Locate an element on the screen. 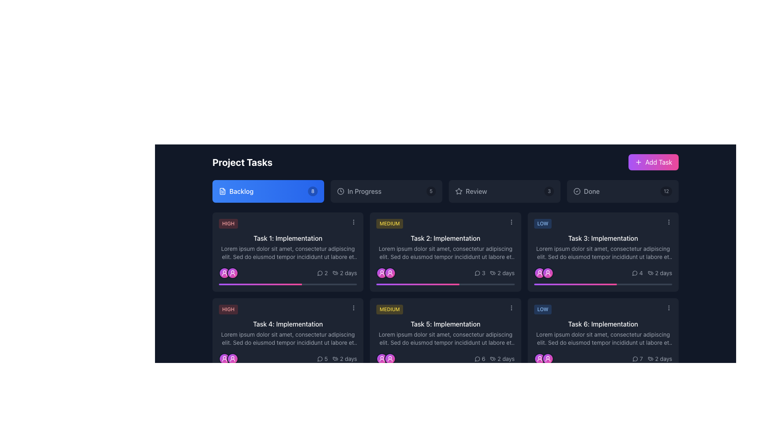 This screenshot has width=777, height=437. the button located in the top-right corner of the header area labeled 'Project Tasks' is located at coordinates (653, 162).